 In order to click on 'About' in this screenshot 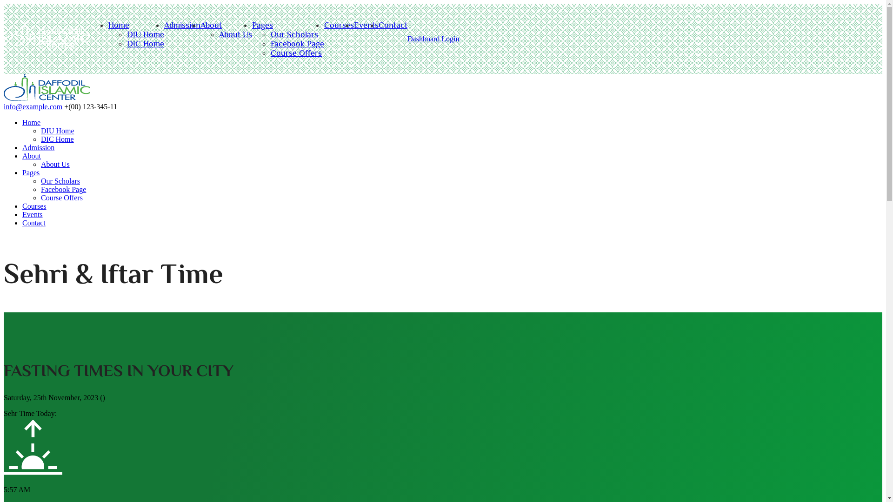, I will do `click(22, 155)`.